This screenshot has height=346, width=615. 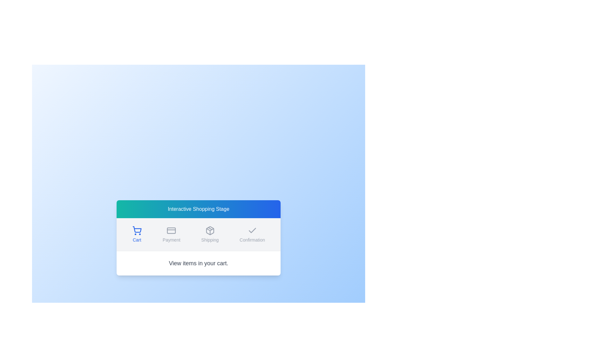 I want to click on the header section titled 'Interactive Shopping Stage', which has a gradient background from teal to blue and rounded top corners, so click(x=198, y=209).